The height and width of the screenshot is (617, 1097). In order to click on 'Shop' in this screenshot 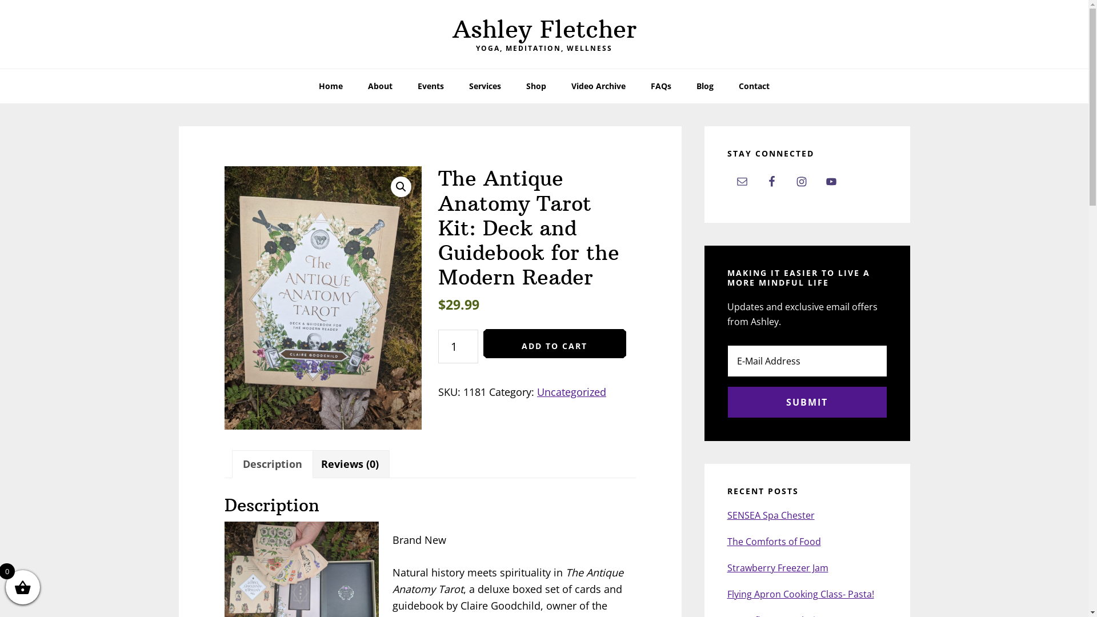, I will do `click(535, 85)`.